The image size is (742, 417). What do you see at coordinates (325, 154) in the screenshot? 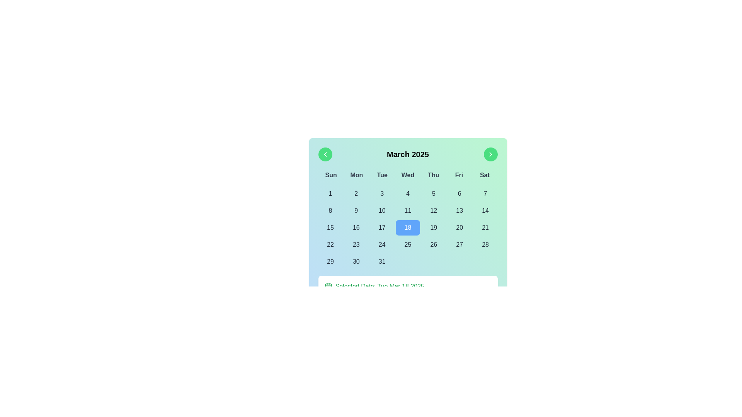
I see `the circular green button with a white leftward-pointing chevron icon located in the header area of the calendar interface` at bounding box center [325, 154].